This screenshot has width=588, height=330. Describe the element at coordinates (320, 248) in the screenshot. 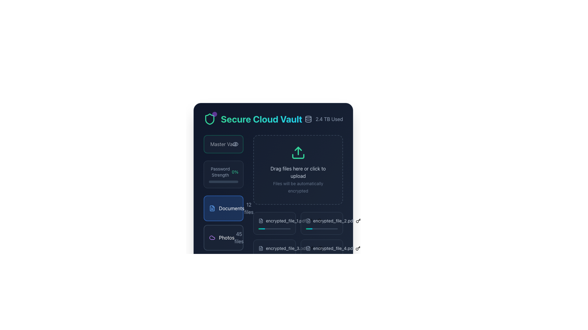

I see `the trash can icon, which serves as a delete button for associated files` at that location.